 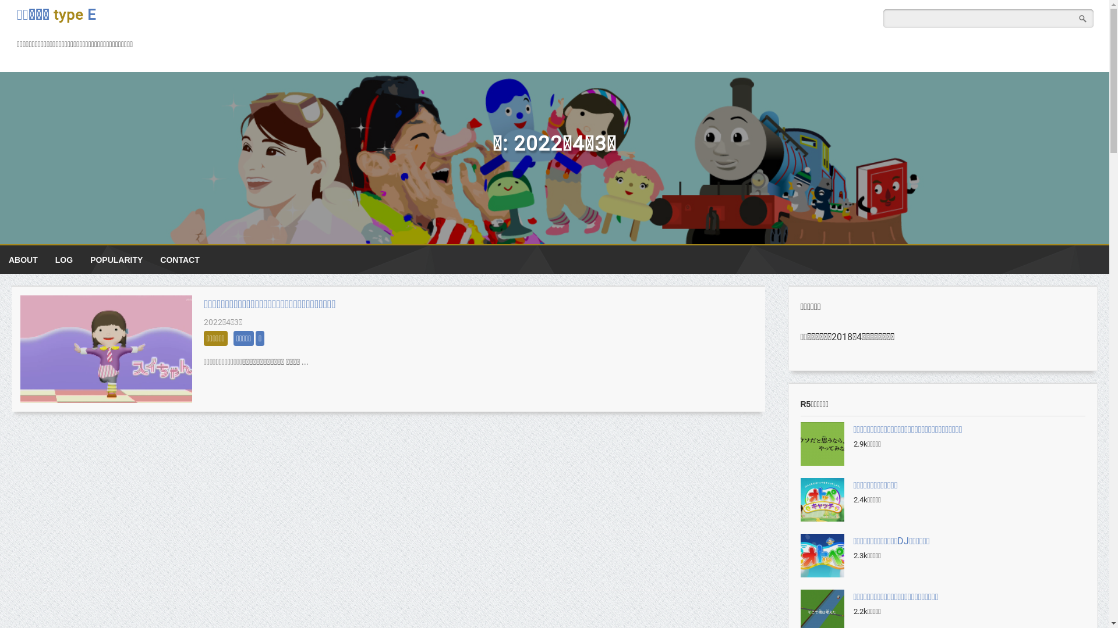 What do you see at coordinates (150, 259) in the screenshot?
I see `'CONTACT'` at bounding box center [150, 259].